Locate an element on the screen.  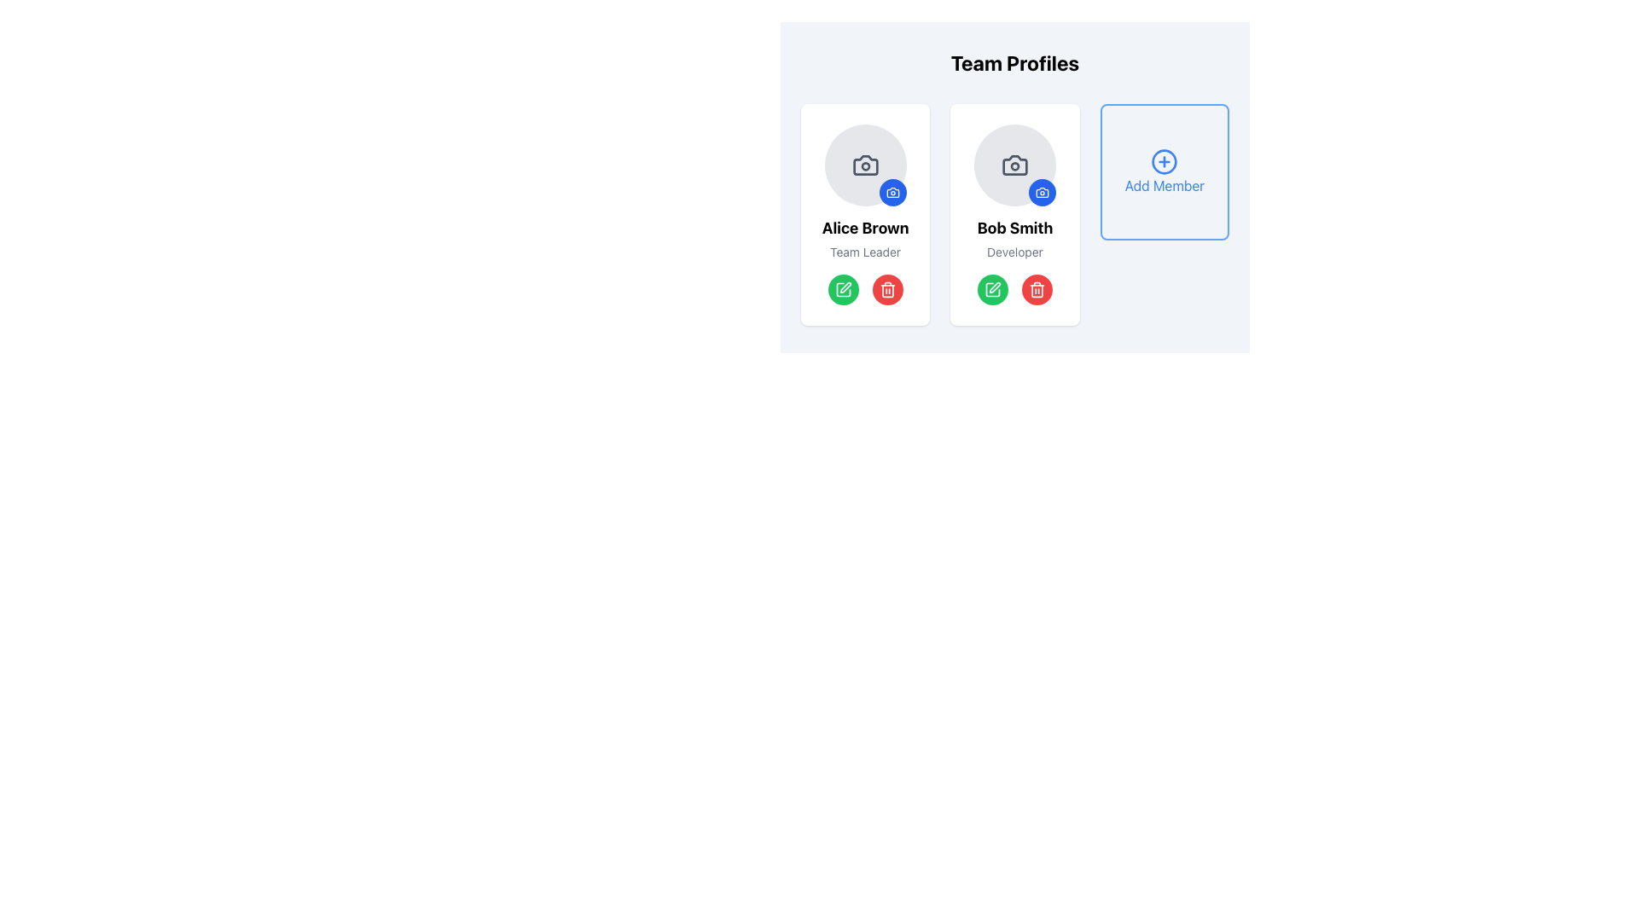
the camera icon representing photography in the left profile card of the 'Team Profiles' section for the first card labeled 'Alice Brown' is located at coordinates (865, 165).